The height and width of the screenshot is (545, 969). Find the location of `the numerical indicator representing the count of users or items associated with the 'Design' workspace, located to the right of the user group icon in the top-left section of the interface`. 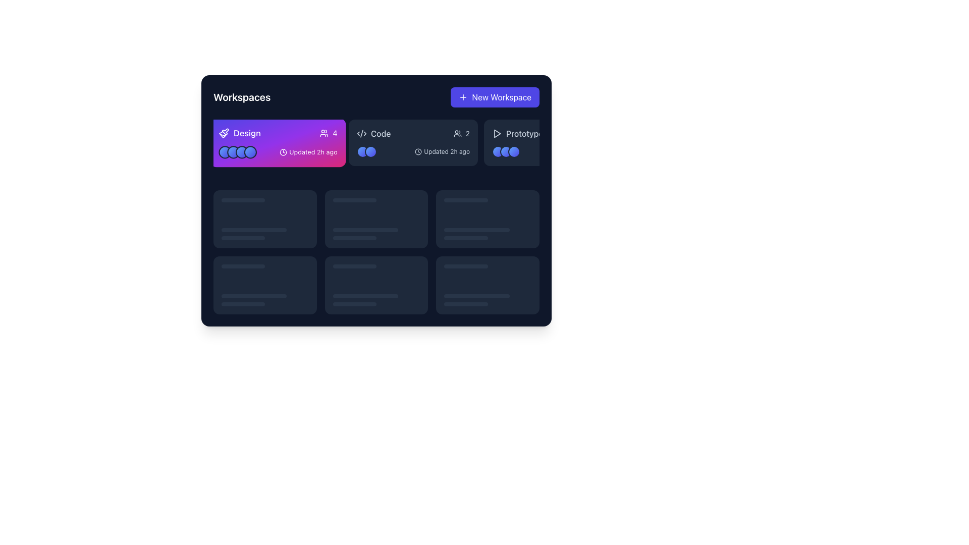

the numerical indicator representing the count of users or items associated with the 'Design' workspace, located to the right of the user group icon in the top-left section of the interface is located at coordinates (335, 133).